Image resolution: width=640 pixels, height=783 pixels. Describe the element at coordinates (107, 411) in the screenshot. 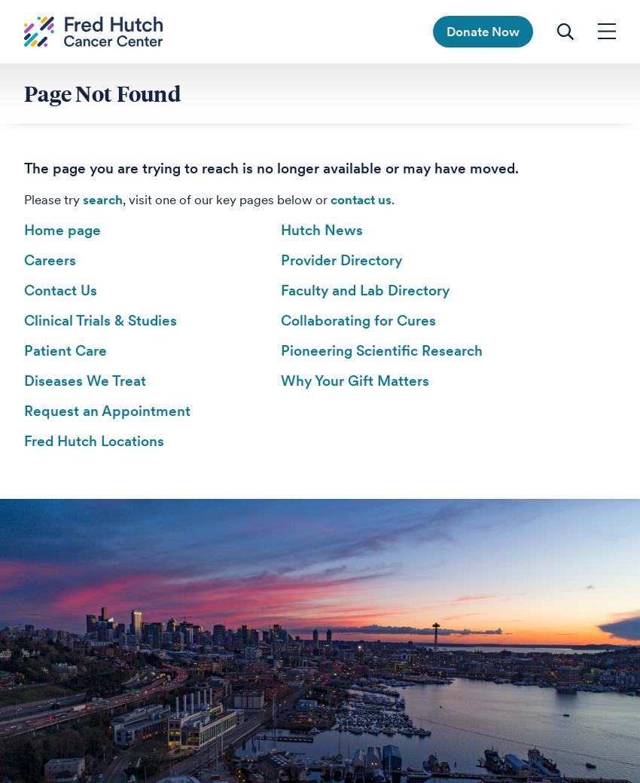

I see `'Request an Appointment'` at that location.